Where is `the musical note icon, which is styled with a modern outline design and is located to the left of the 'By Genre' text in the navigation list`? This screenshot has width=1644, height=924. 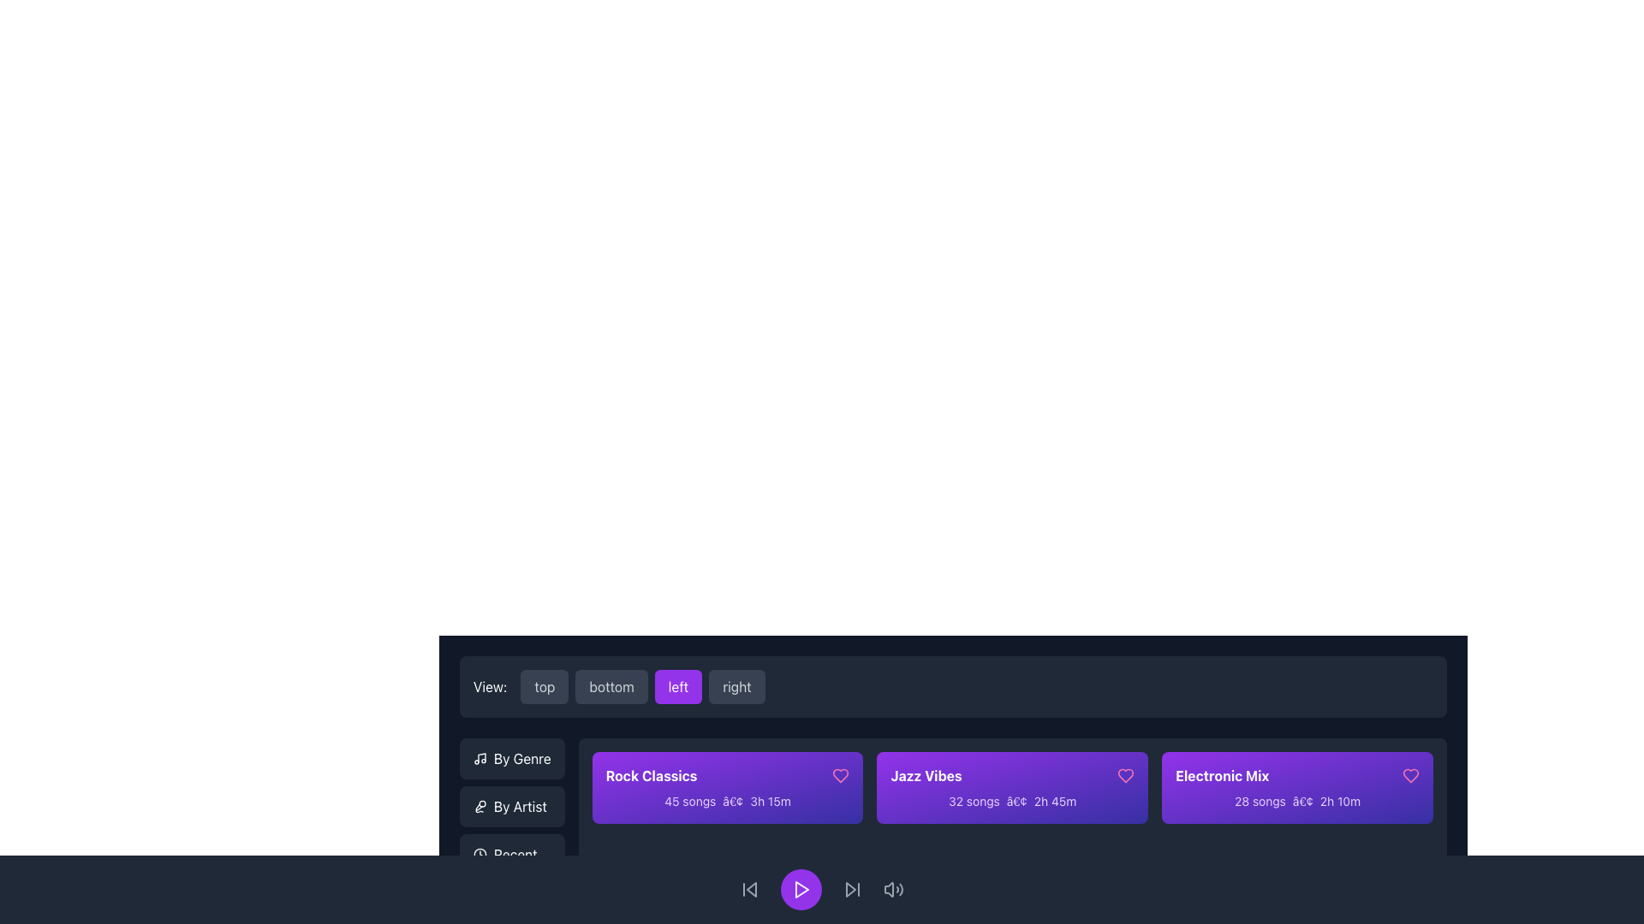 the musical note icon, which is styled with a modern outline design and is located to the left of the 'By Genre' text in the navigation list is located at coordinates (479, 758).